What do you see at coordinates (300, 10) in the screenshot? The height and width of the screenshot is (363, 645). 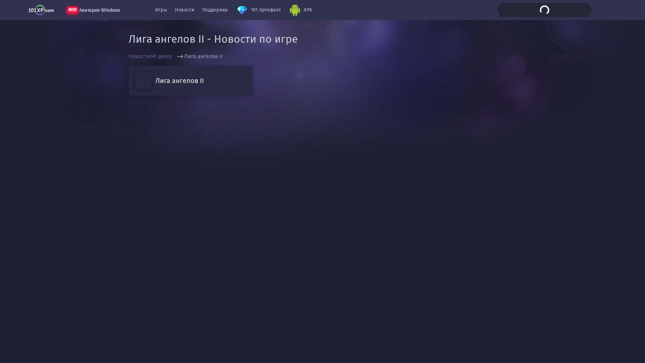 I see `'APK'` at bounding box center [300, 10].